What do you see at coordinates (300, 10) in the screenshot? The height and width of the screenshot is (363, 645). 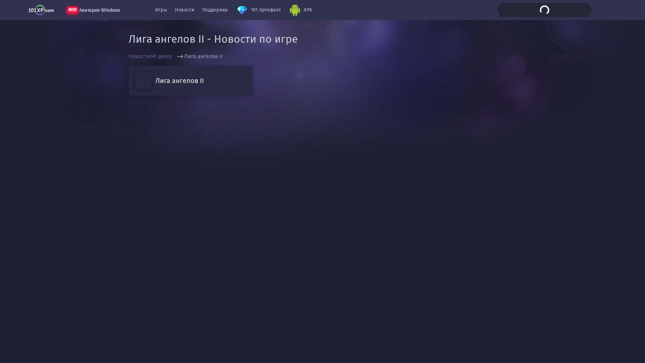 I see `'APK'` at bounding box center [300, 10].